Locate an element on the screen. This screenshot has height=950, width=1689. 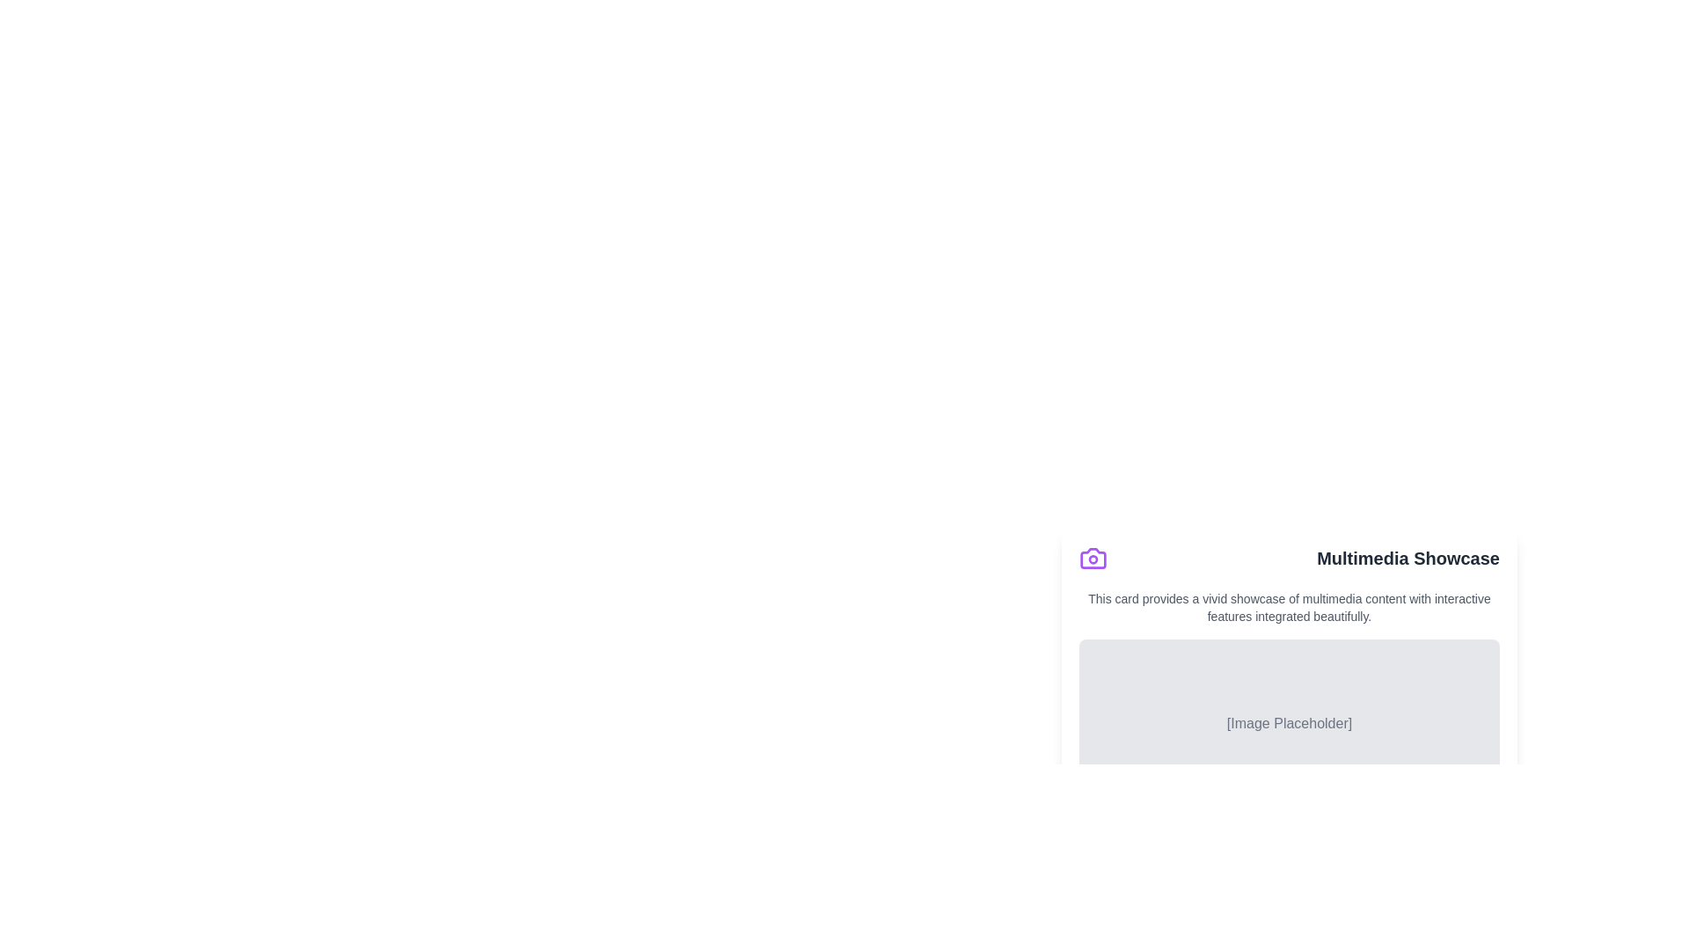
text content from the text label displaying 'Multimedia Showcase', which is bold and large, located in the upper section of a card layout, to the right of a purple camera icon is located at coordinates (1408, 559).